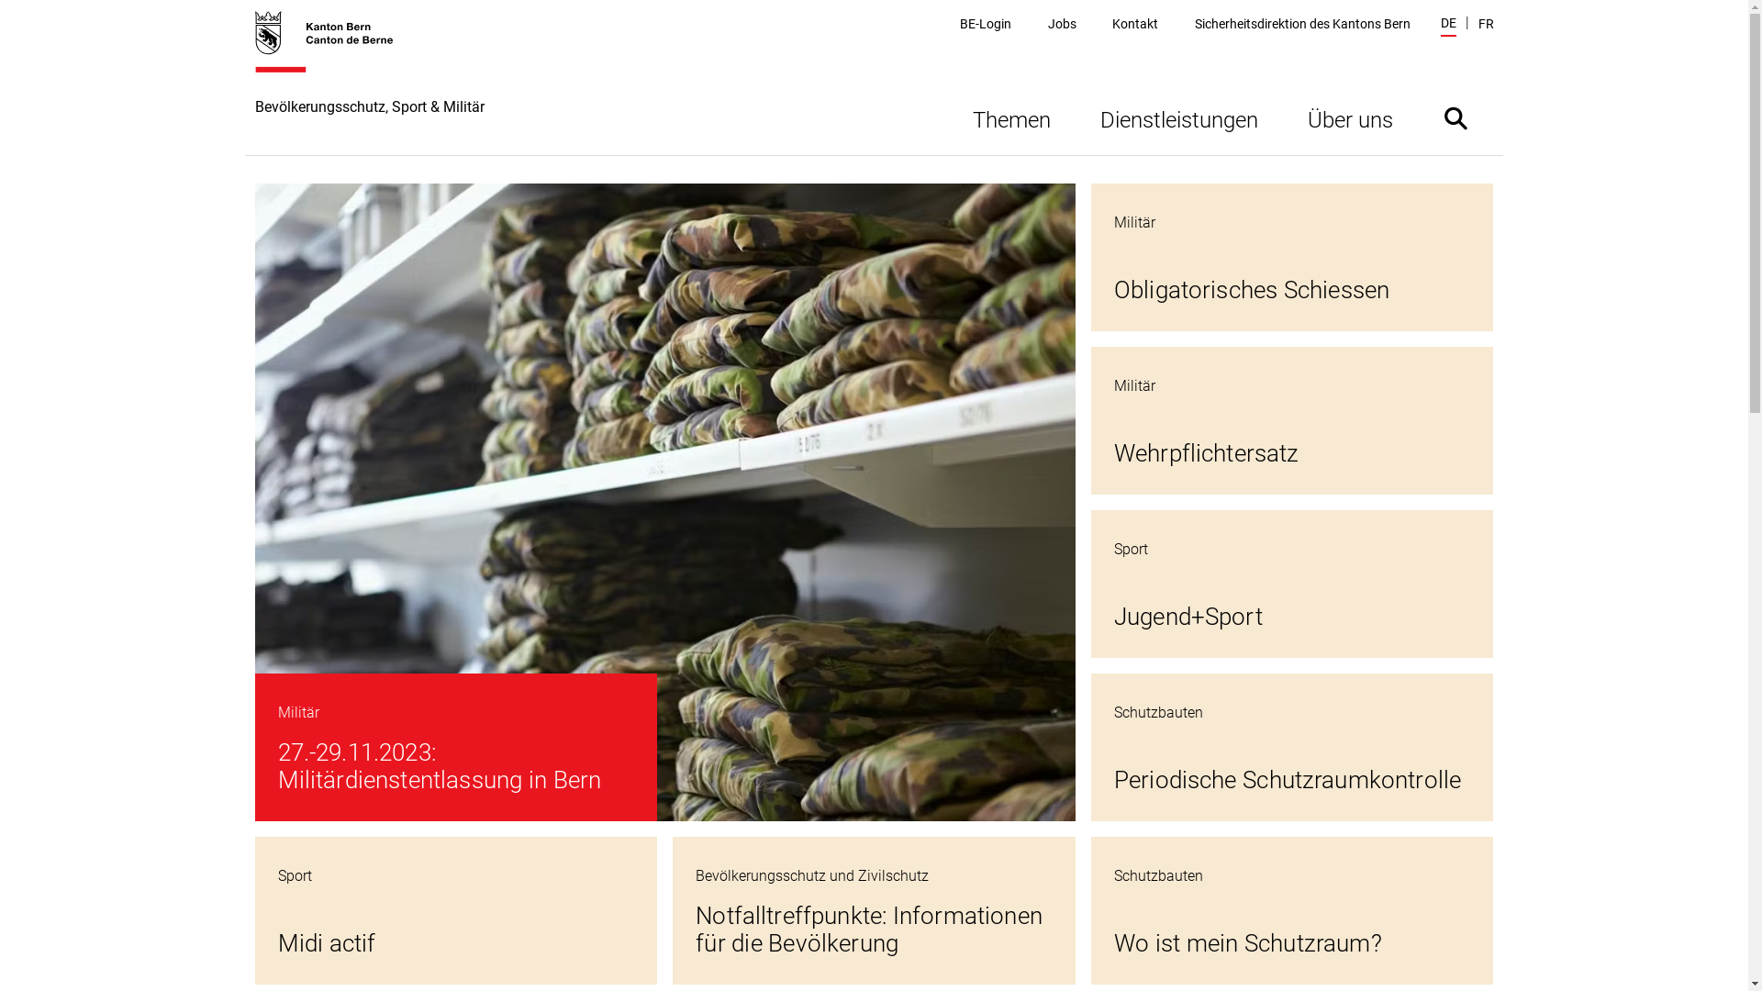  I want to click on 'FR', so click(1485, 24).